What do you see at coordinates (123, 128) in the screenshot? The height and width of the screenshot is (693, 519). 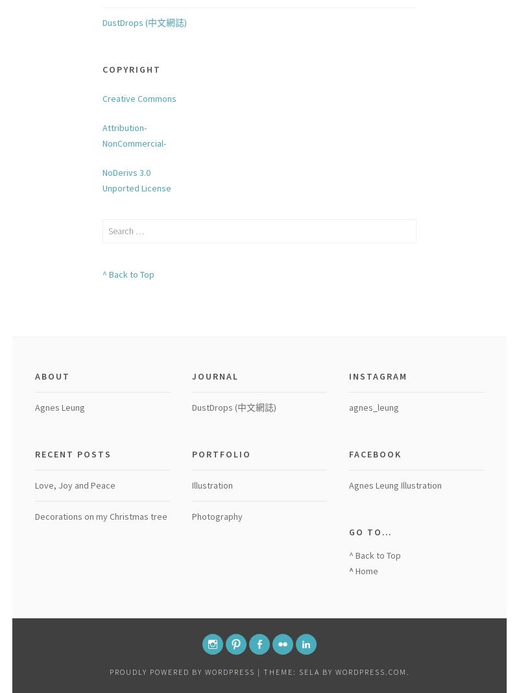 I see `'Attribution-'` at bounding box center [123, 128].